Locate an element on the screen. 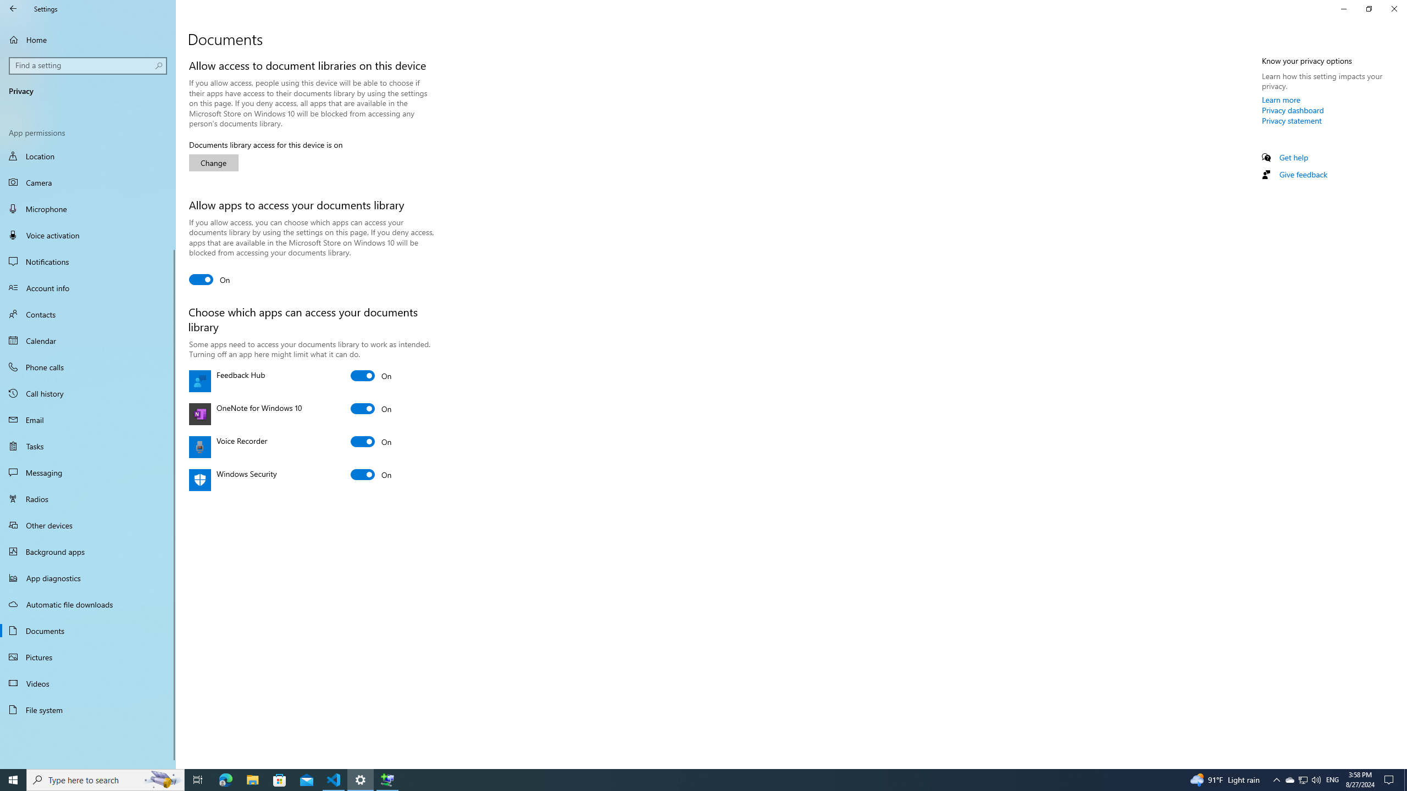 This screenshot has height=791, width=1407. 'Location' is located at coordinates (87, 156).